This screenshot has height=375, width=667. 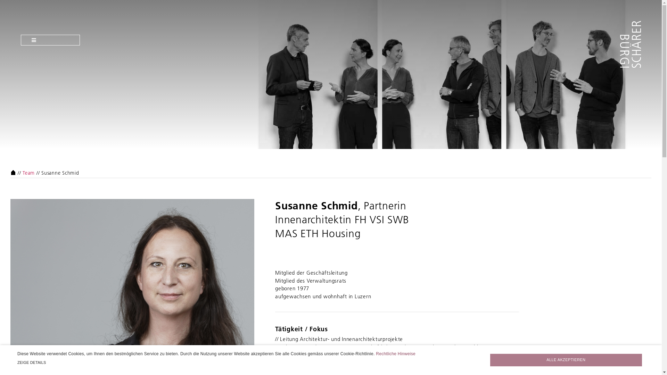 I want to click on 'Team', so click(x=28, y=172).